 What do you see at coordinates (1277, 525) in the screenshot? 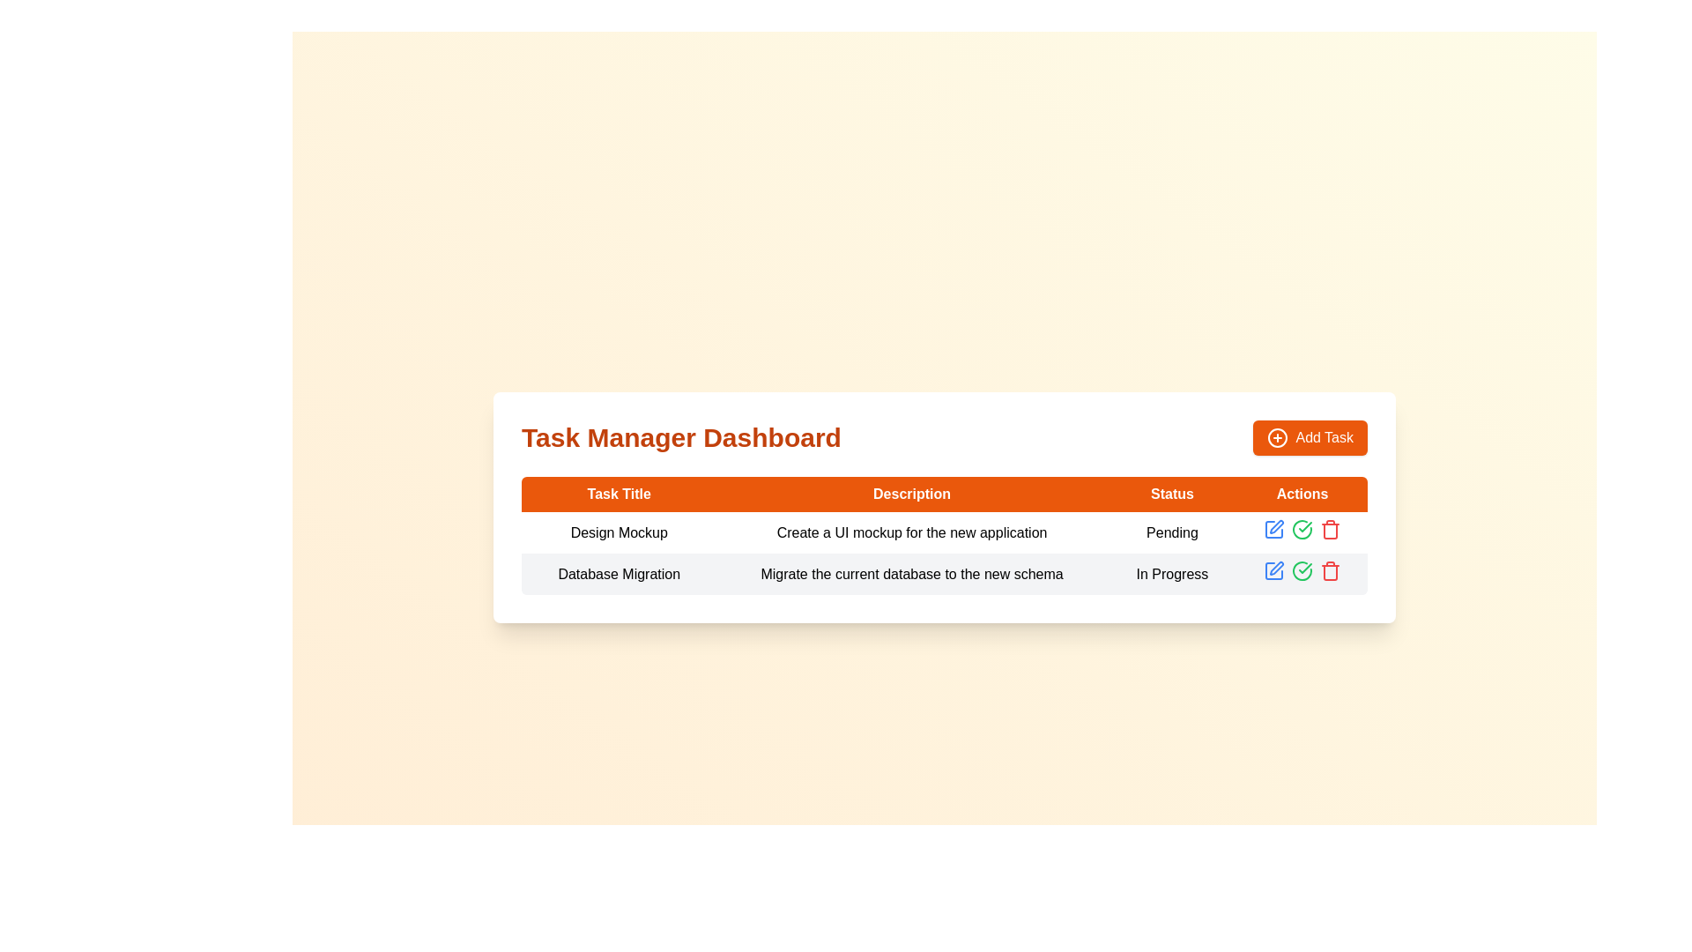
I see `the edit icon in the 'Actions' column of the second row of the task list` at bounding box center [1277, 525].